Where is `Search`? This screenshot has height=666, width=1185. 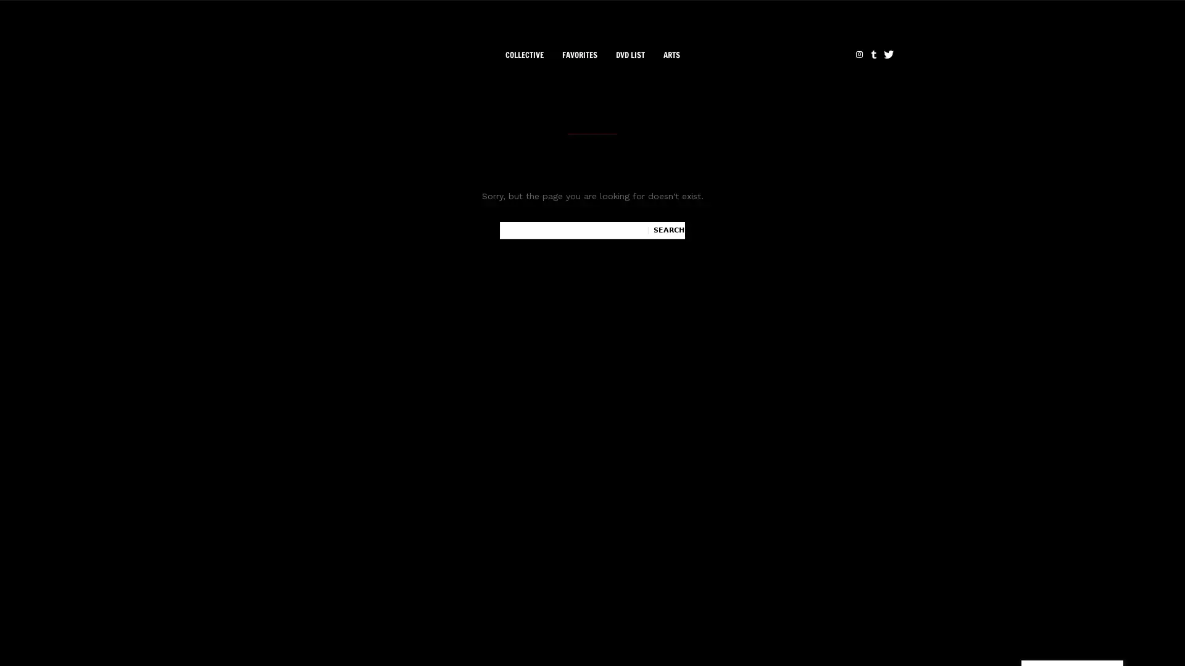
Search is located at coordinates (666, 230).